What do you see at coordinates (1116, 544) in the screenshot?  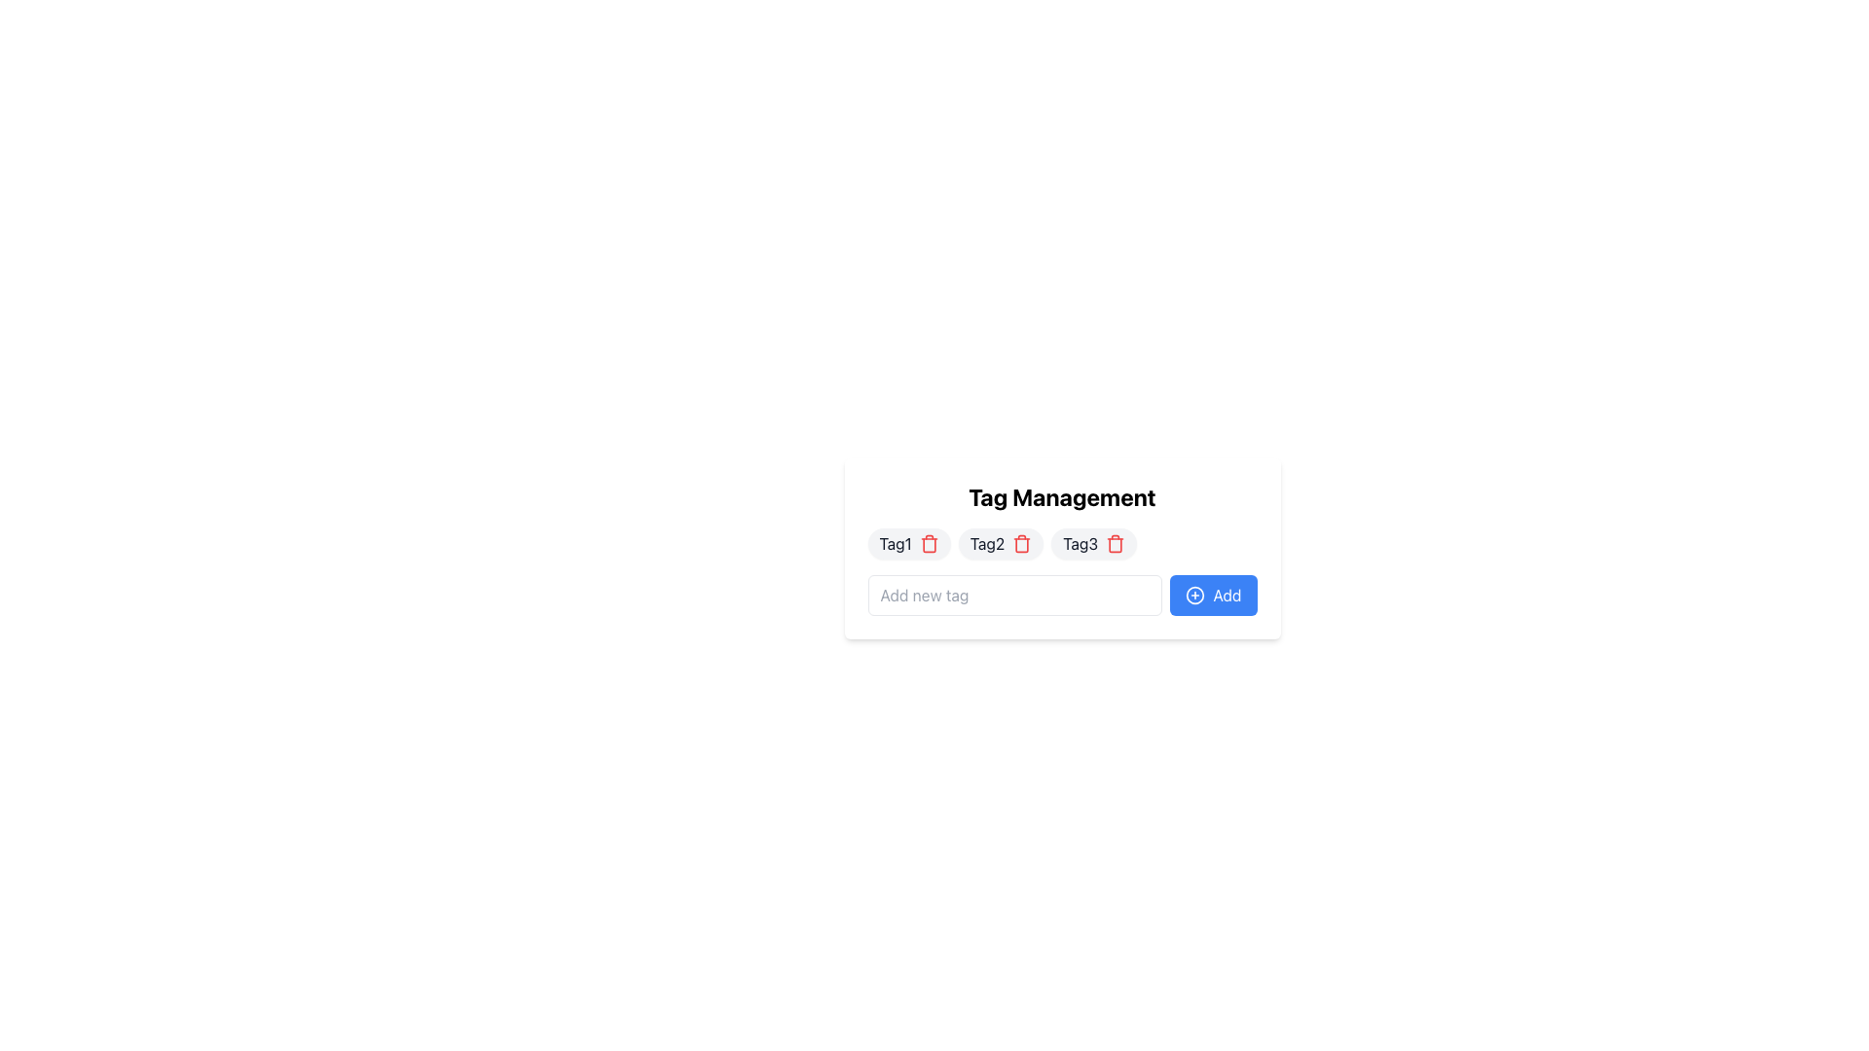 I see `the red trash icon button located at the far right of the tag labeled 'Tag3'` at bounding box center [1116, 544].